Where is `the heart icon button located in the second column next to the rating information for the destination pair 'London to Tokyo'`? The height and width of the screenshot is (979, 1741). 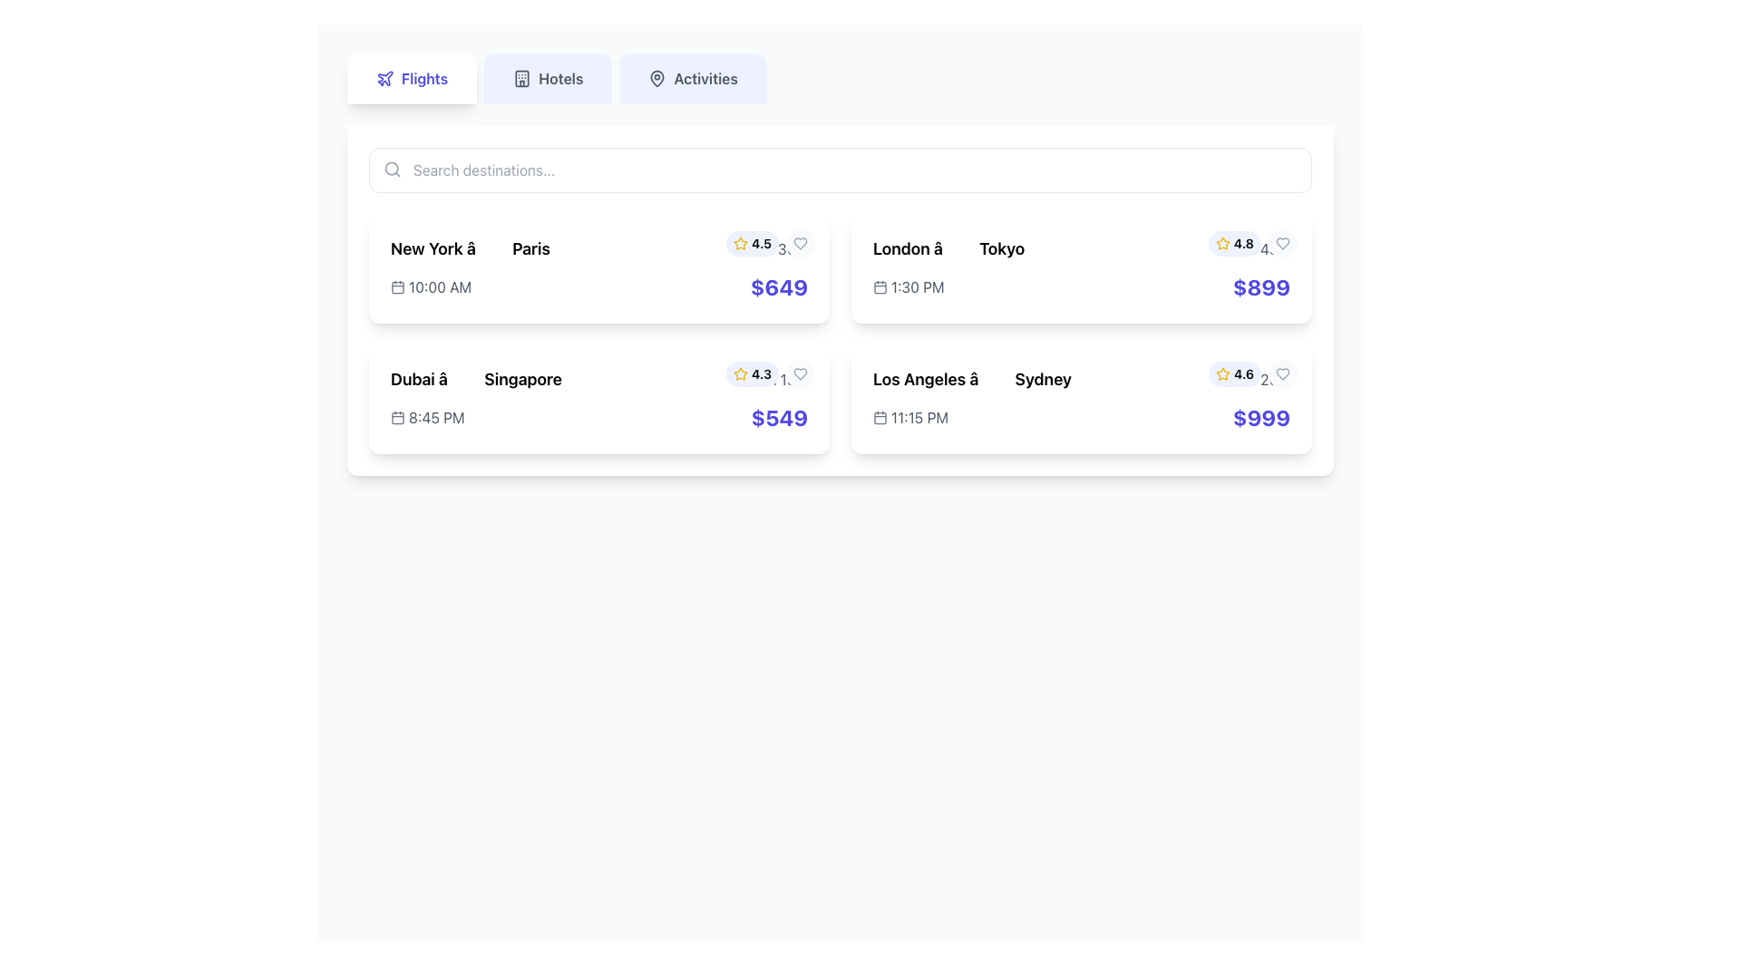 the heart icon button located in the second column next to the rating information for the destination pair 'London to Tokyo' is located at coordinates (1282, 243).